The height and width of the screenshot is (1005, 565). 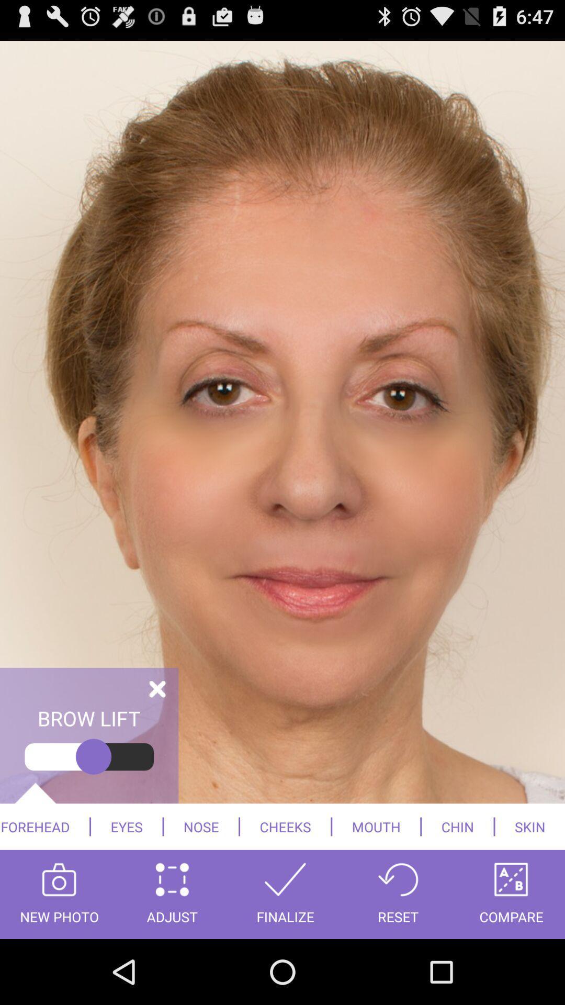 I want to click on skin app, so click(x=530, y=826).